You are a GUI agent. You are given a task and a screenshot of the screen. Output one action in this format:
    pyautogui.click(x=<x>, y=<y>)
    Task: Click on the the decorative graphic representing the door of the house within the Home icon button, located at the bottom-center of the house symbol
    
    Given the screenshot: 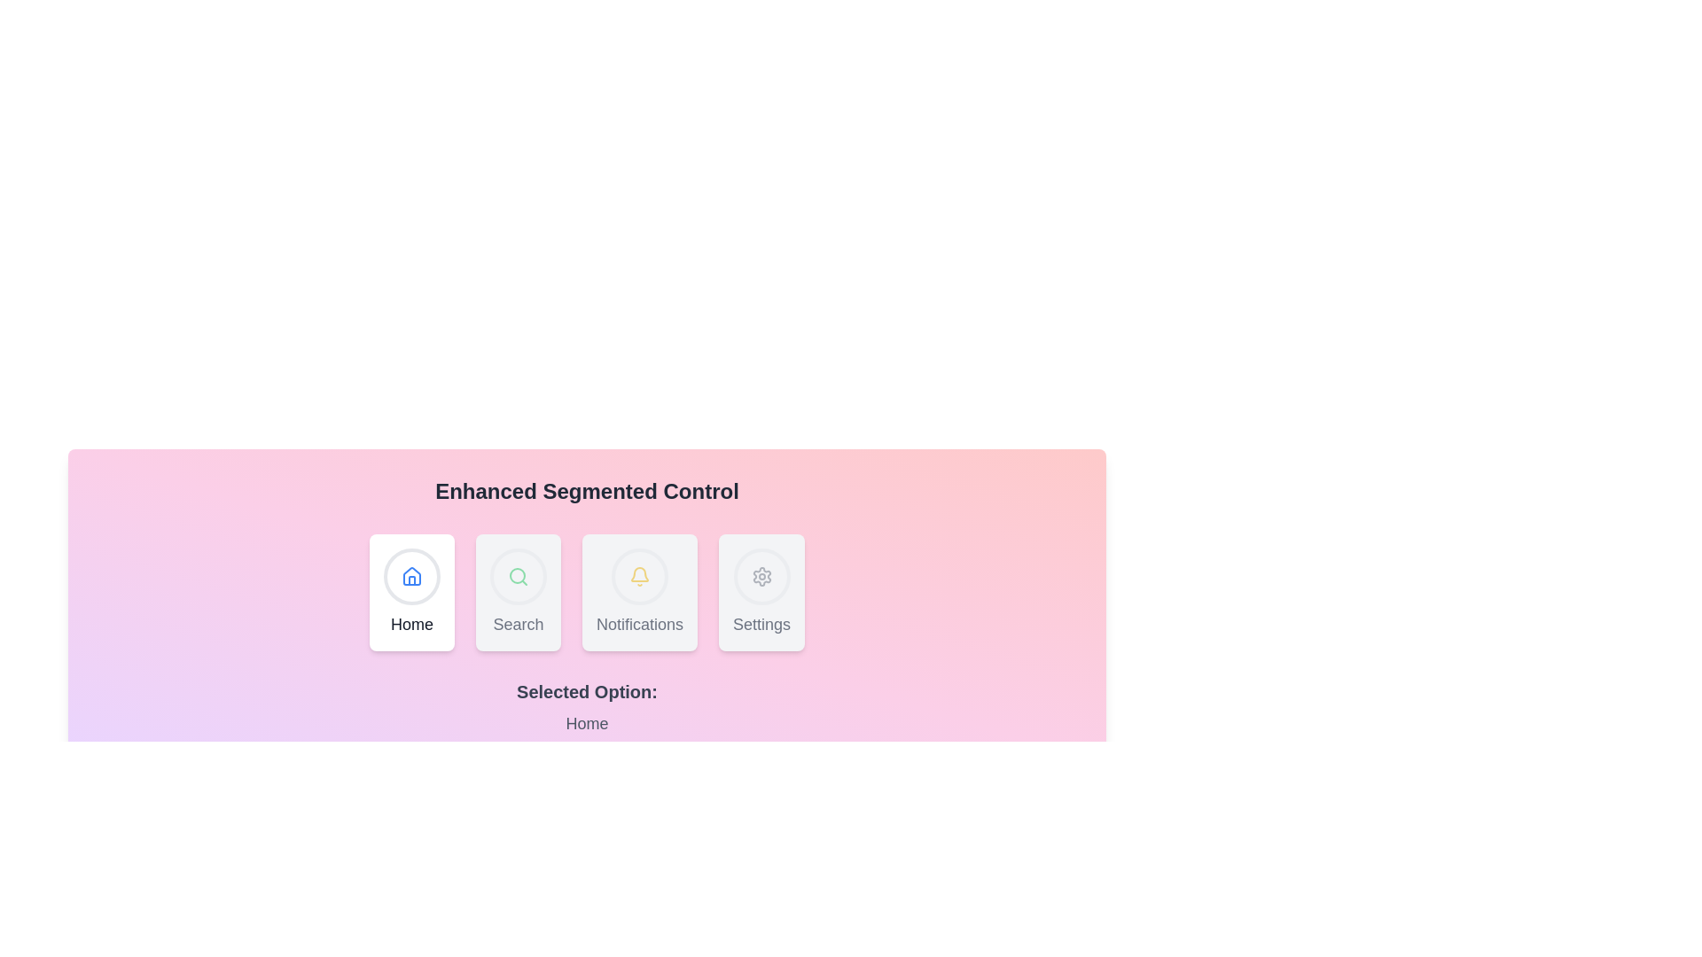 What is the action you would take?
    pyautogui.click(x=411, y=580)
    